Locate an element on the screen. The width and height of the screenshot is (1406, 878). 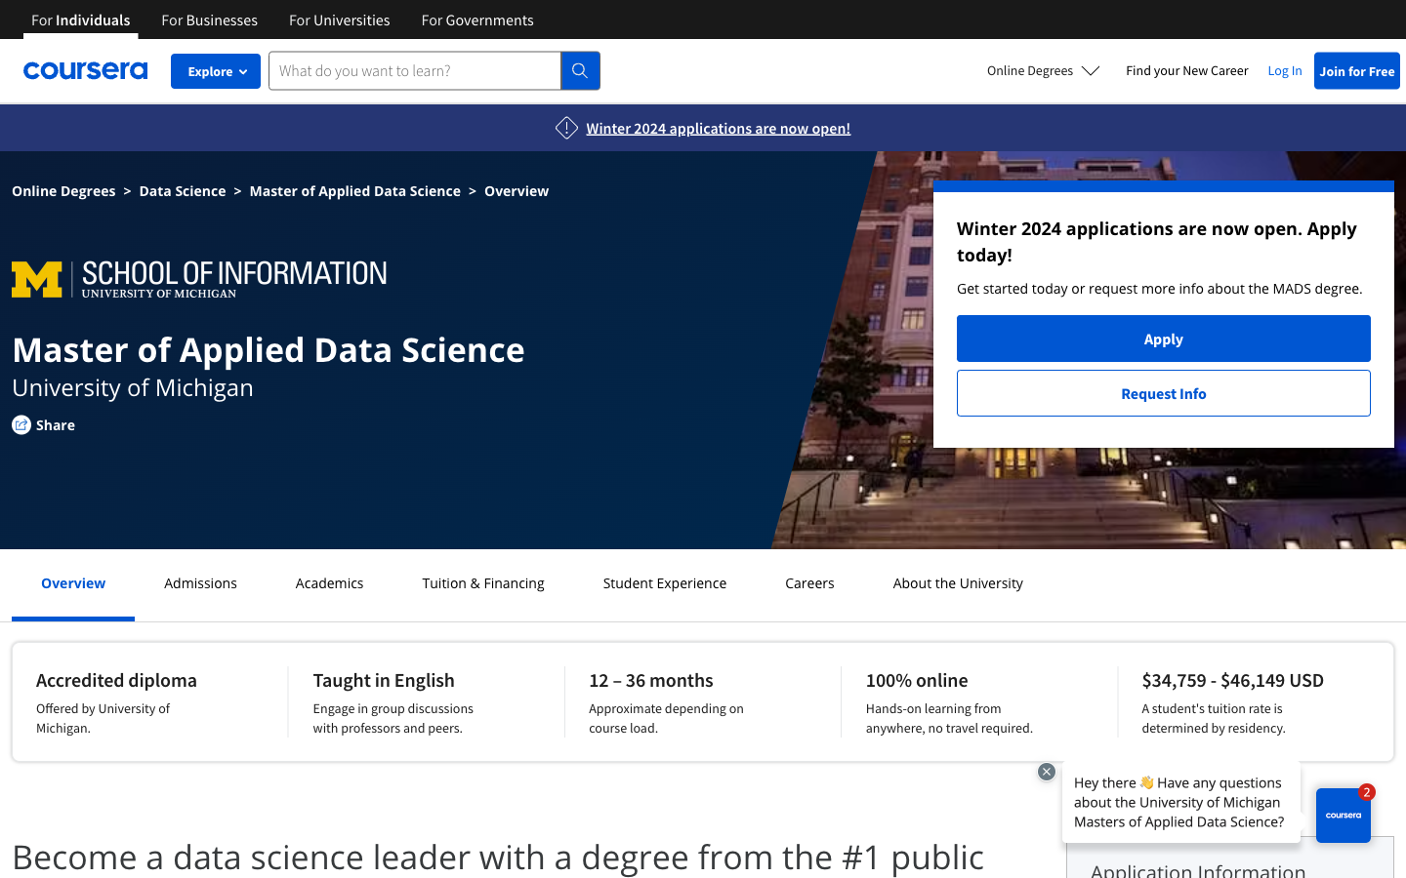
Search for educational programs related to Cloud Computing is located at coordinates (664, 582).